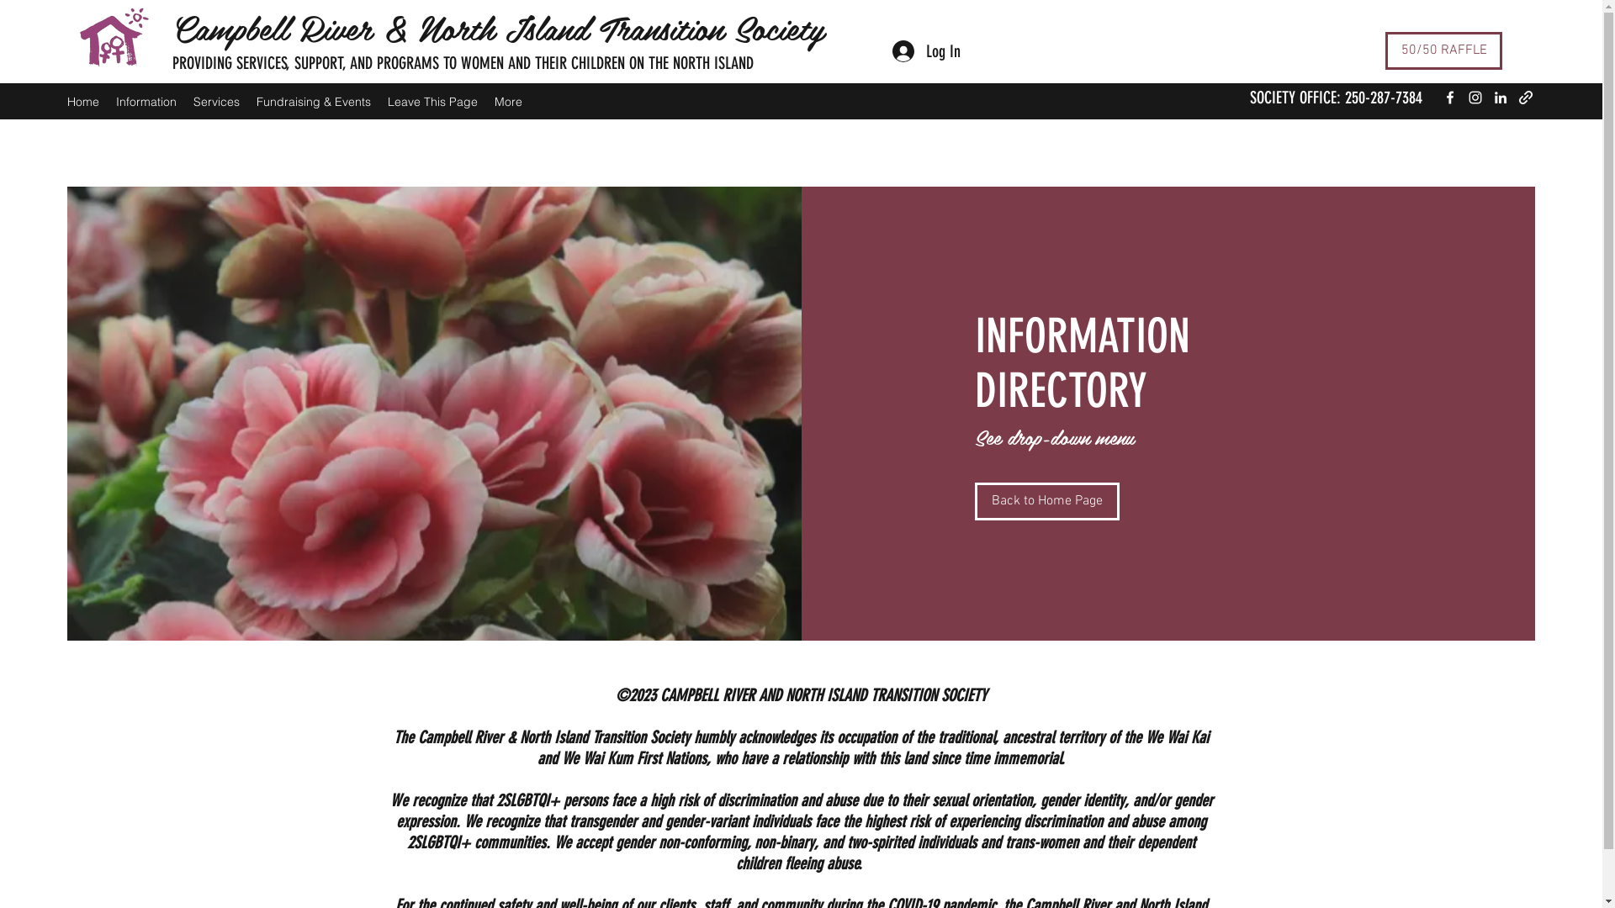 The height and width of the screenshot is (908, 1615). I want to click on 'Back to Home Page', so click(1046, 500).